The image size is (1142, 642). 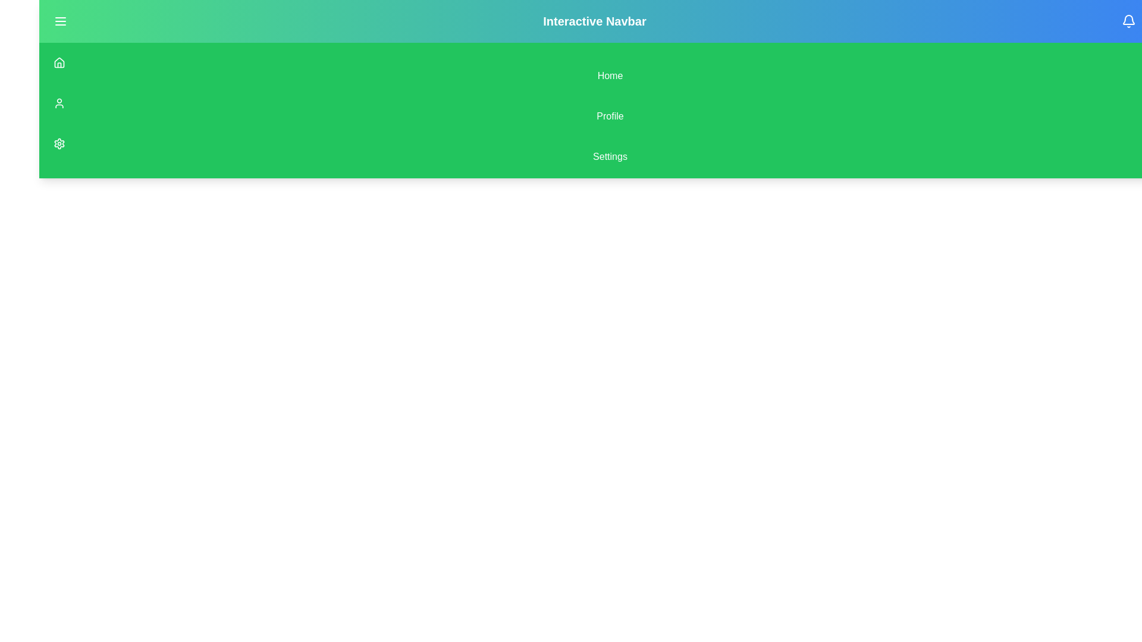 I want to click on the user profile icon, which is a vector icon represented by a circle with a smaller circle inside, located directly below the house icon in the vertical menu layout, so click(x=59, y=102).